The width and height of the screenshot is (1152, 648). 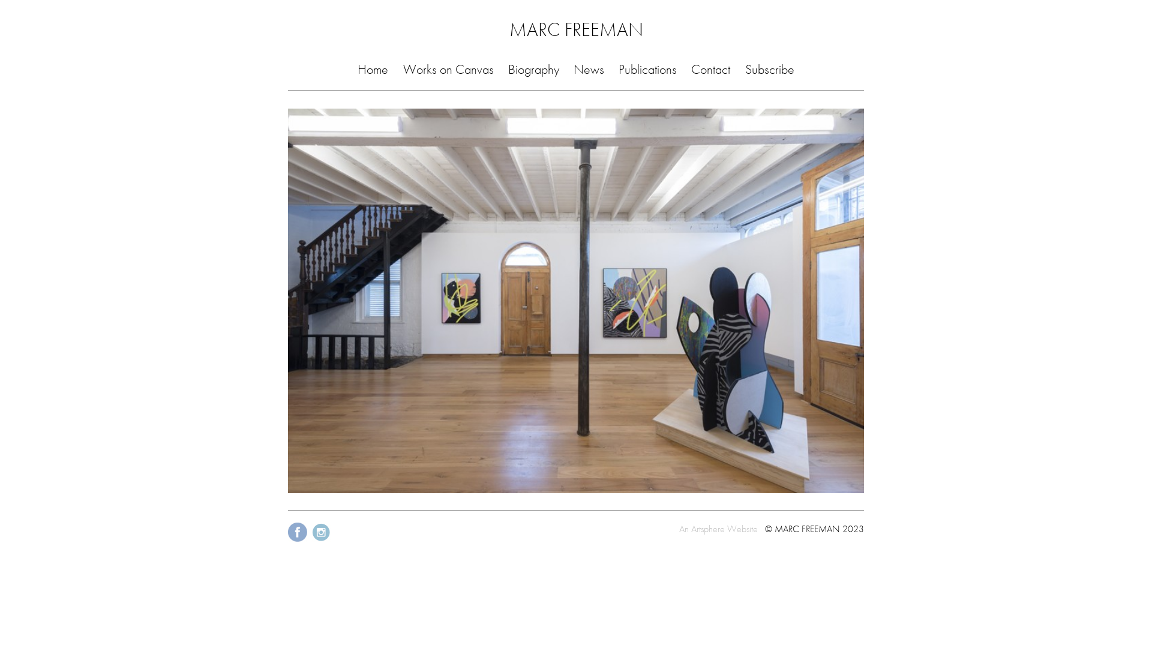 I want to click on 'Home', so click(x=372, y=69).